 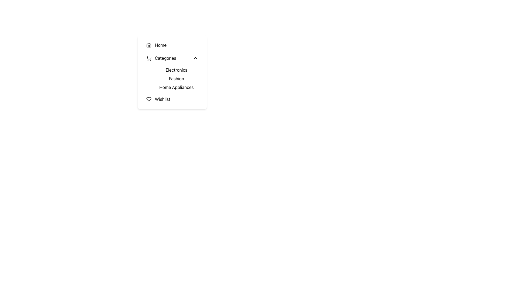 I want to click on the shopping cart vector icon, which is part of a vertical menu layout beside the 'Categories' text label, so click(x=149, y=57).